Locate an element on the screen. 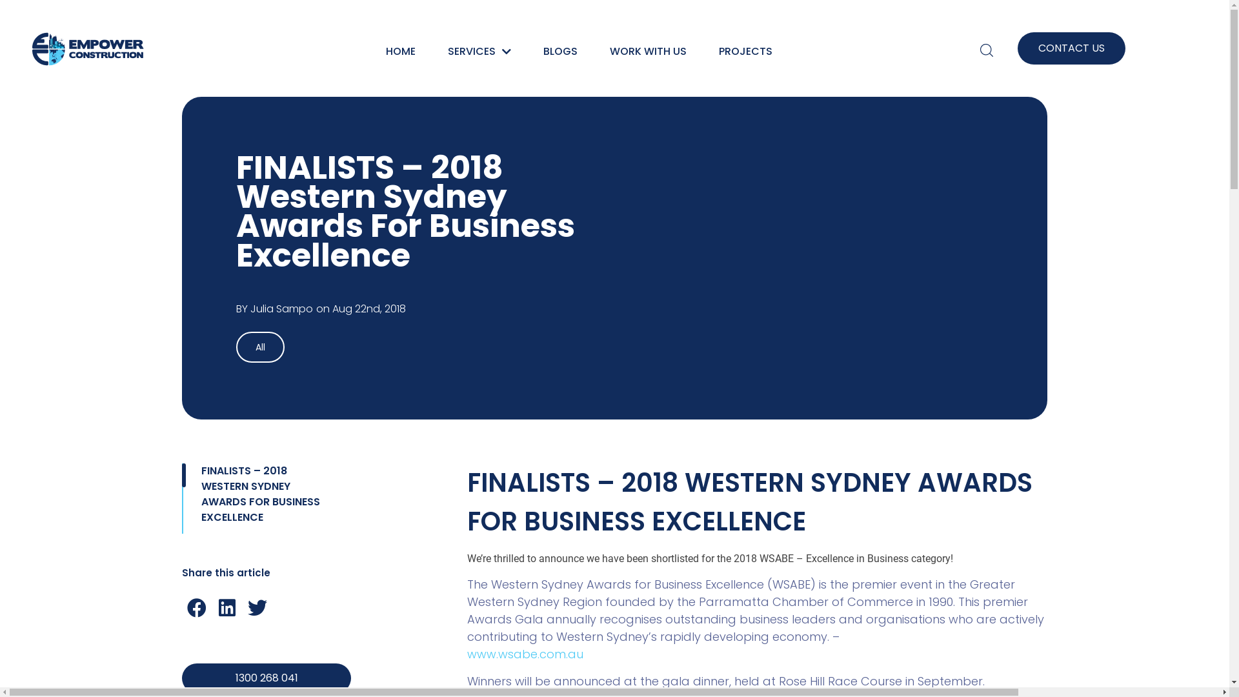 Image resolution: width=1239 pixels, height=697 pixels. 'All' is located at coordinates (259, 346).